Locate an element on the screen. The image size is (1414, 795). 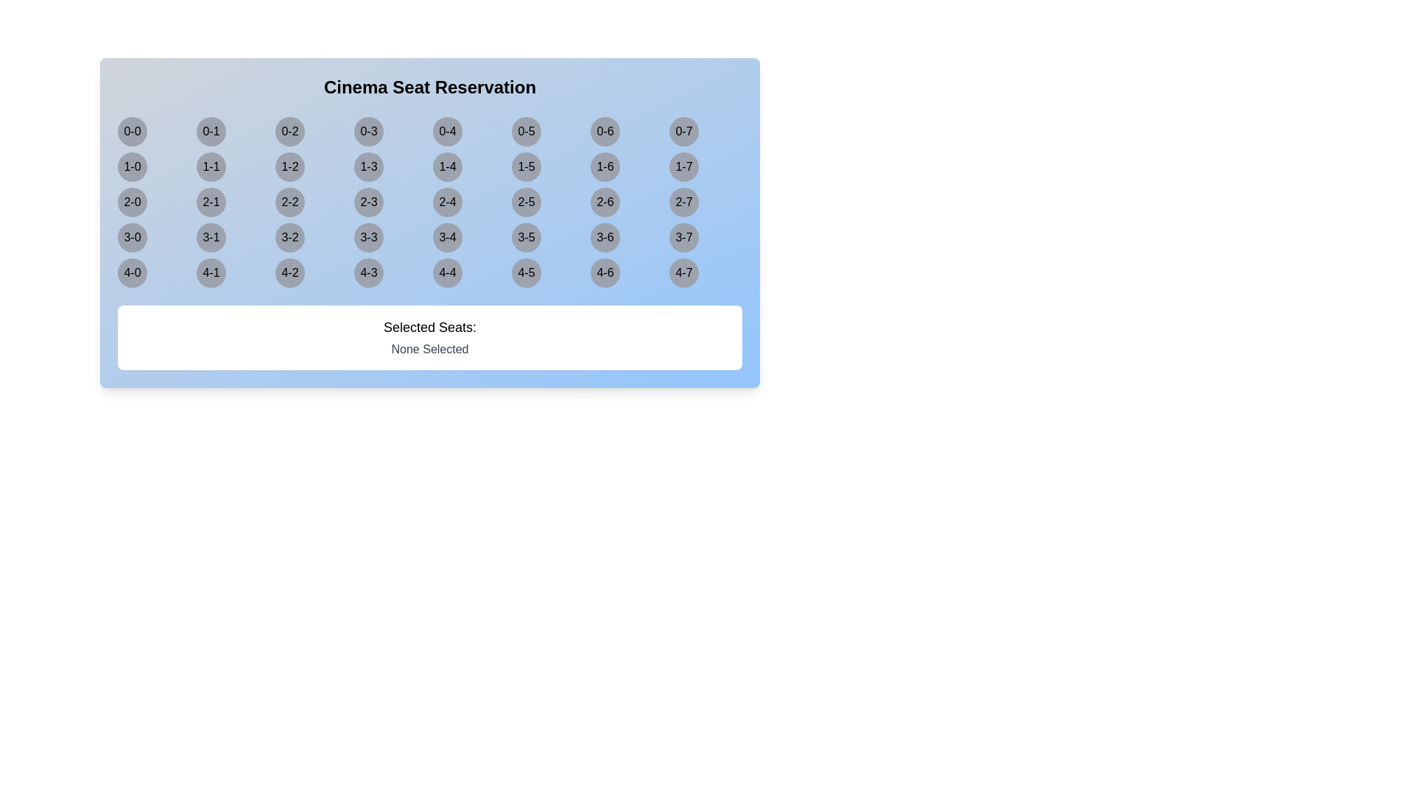
the selectable option button located in the fifth row and first column of the grid to observe the hover effect is located at coordinates (133, 272).